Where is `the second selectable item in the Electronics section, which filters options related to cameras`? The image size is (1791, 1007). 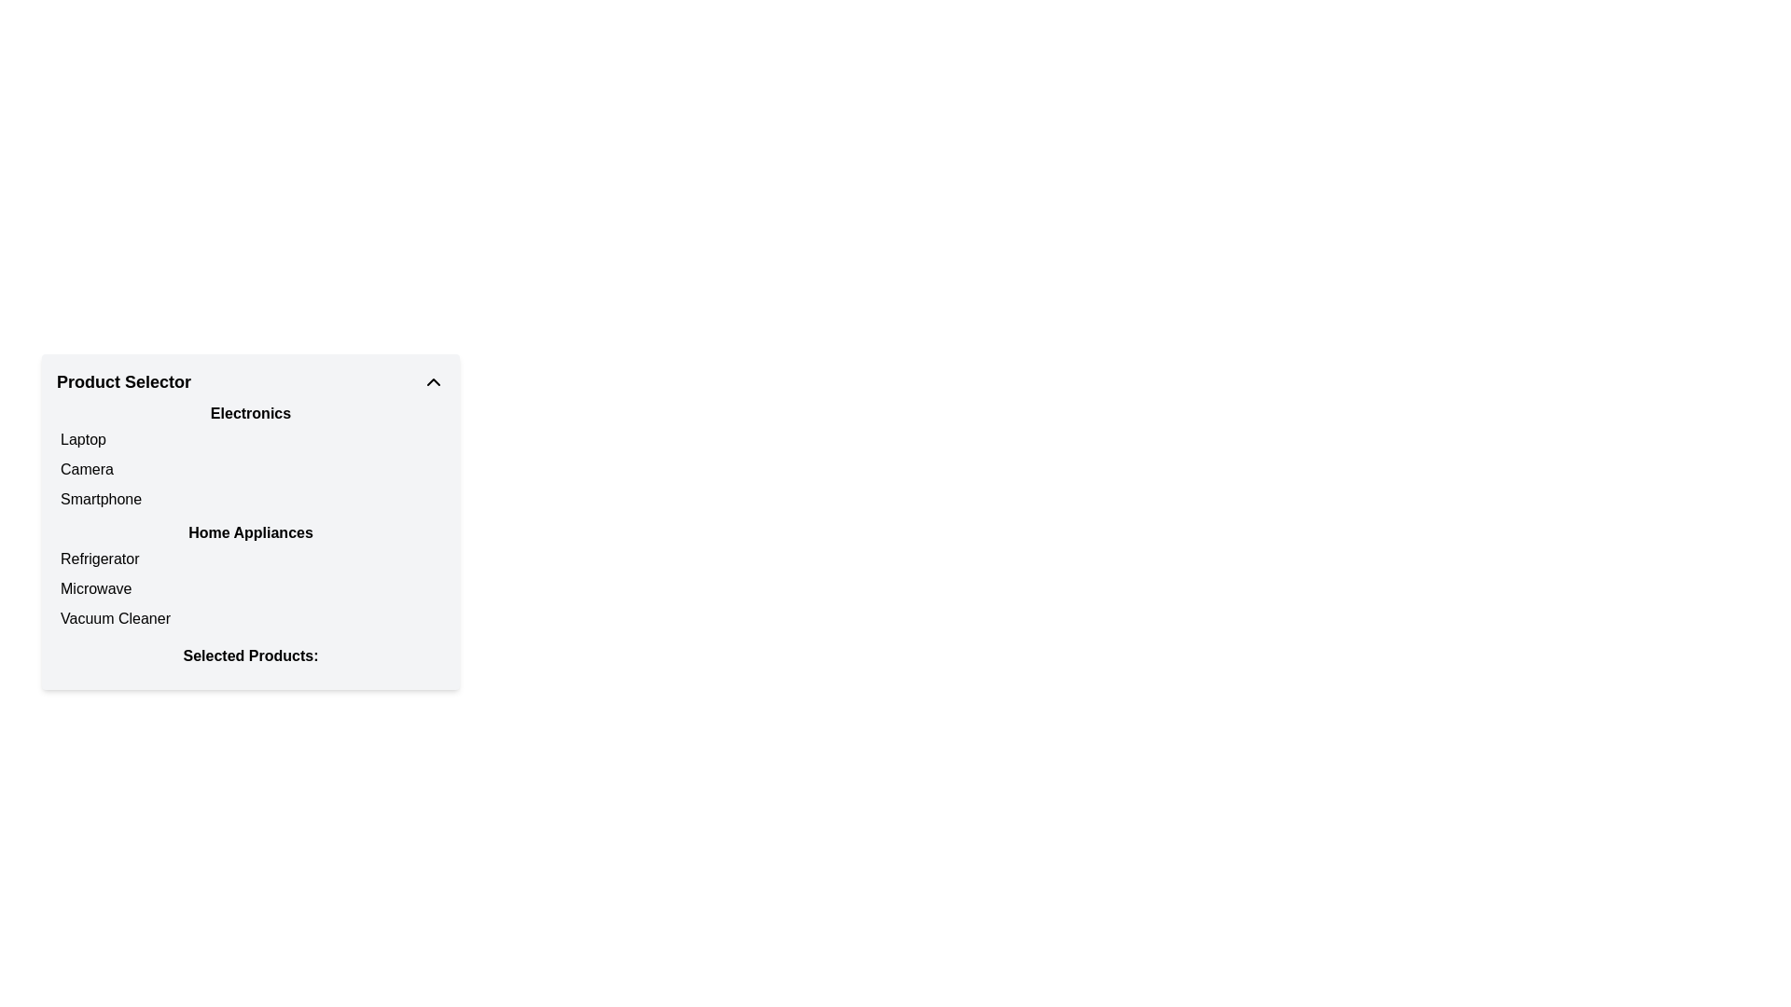 the second selectable item in the Electronics section, which filters options related to cameras is located at coordinates (249, 469).